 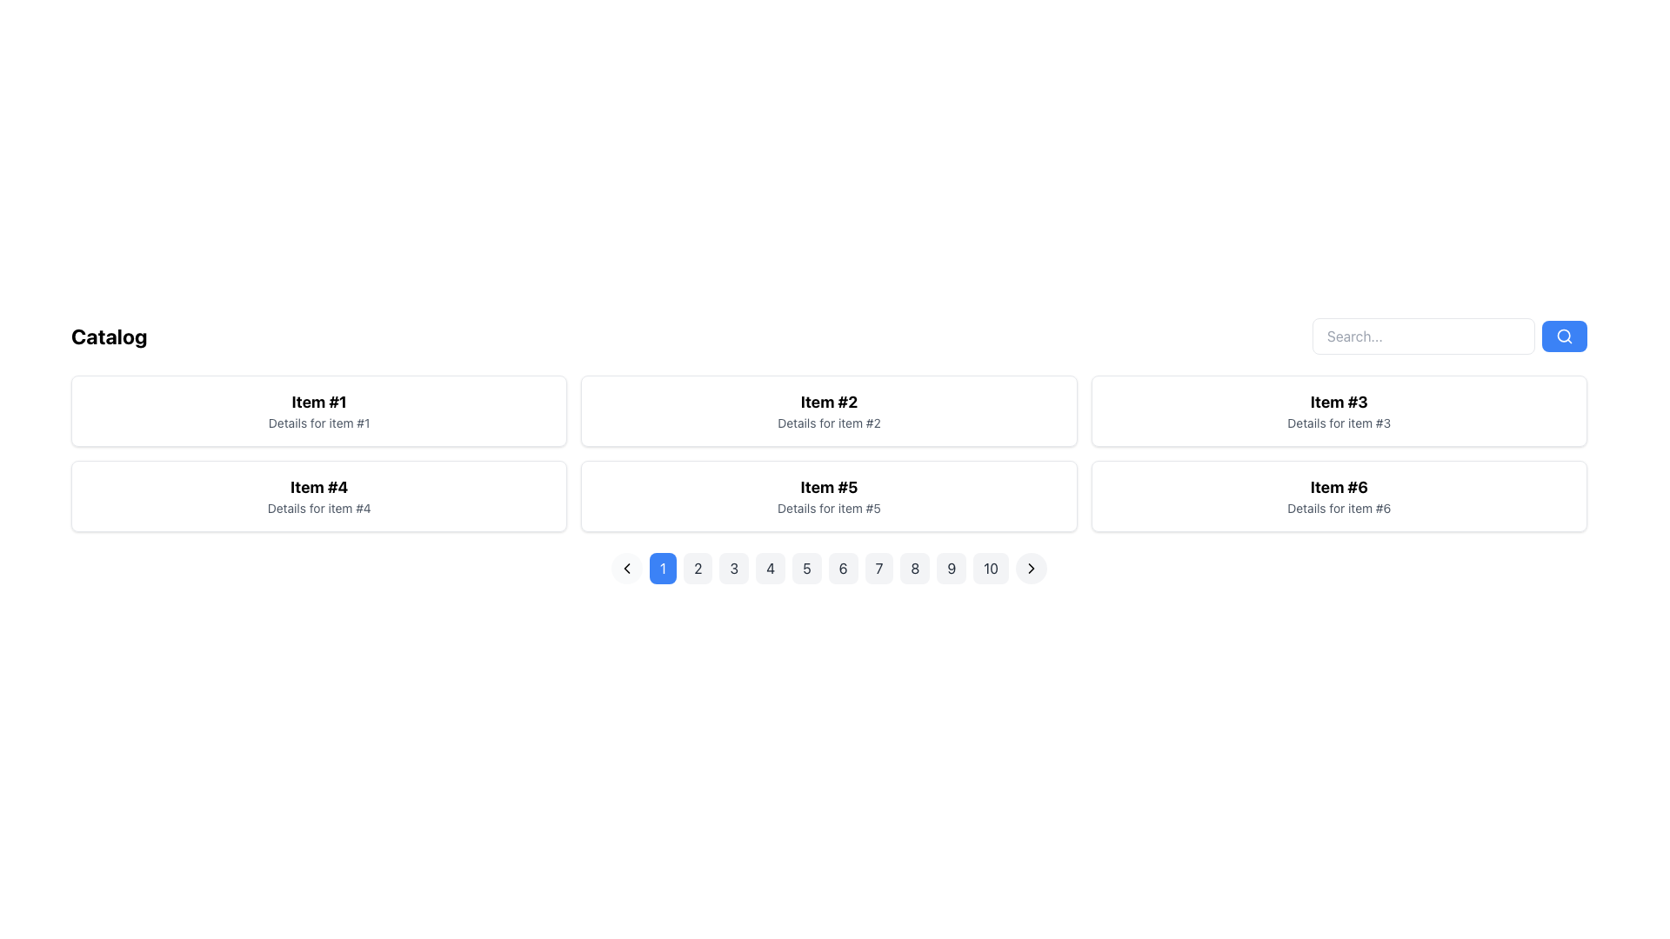 I want to click on the search button located to the right of the search input field, which triggers a search action when clicked, so click(x=1565, y=336).